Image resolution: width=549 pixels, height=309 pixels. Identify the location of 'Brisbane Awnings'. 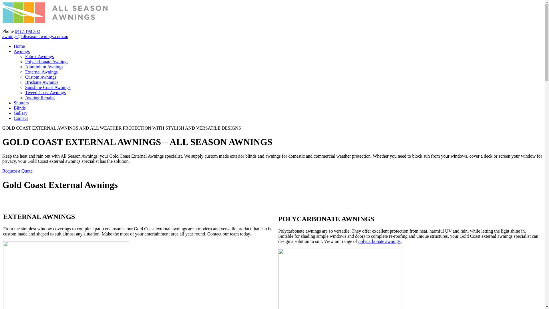
(41, 82).